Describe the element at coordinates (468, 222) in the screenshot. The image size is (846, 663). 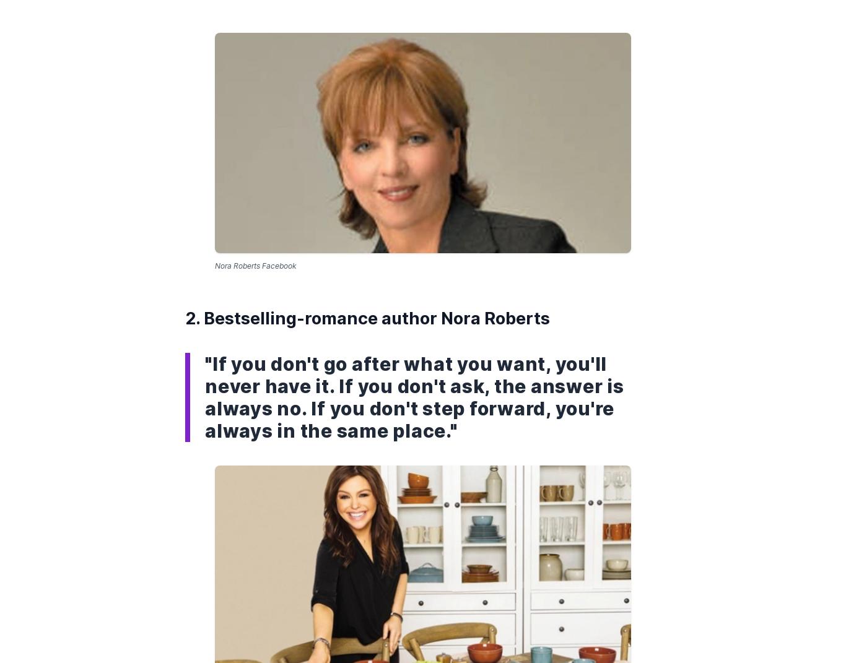
I see `'Site Map'` at that location.